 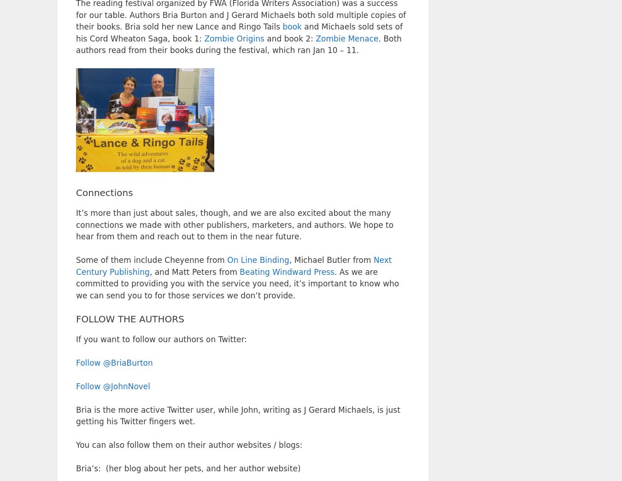 I want to click on 'Zombie Menace', so click(x=346, y=38).